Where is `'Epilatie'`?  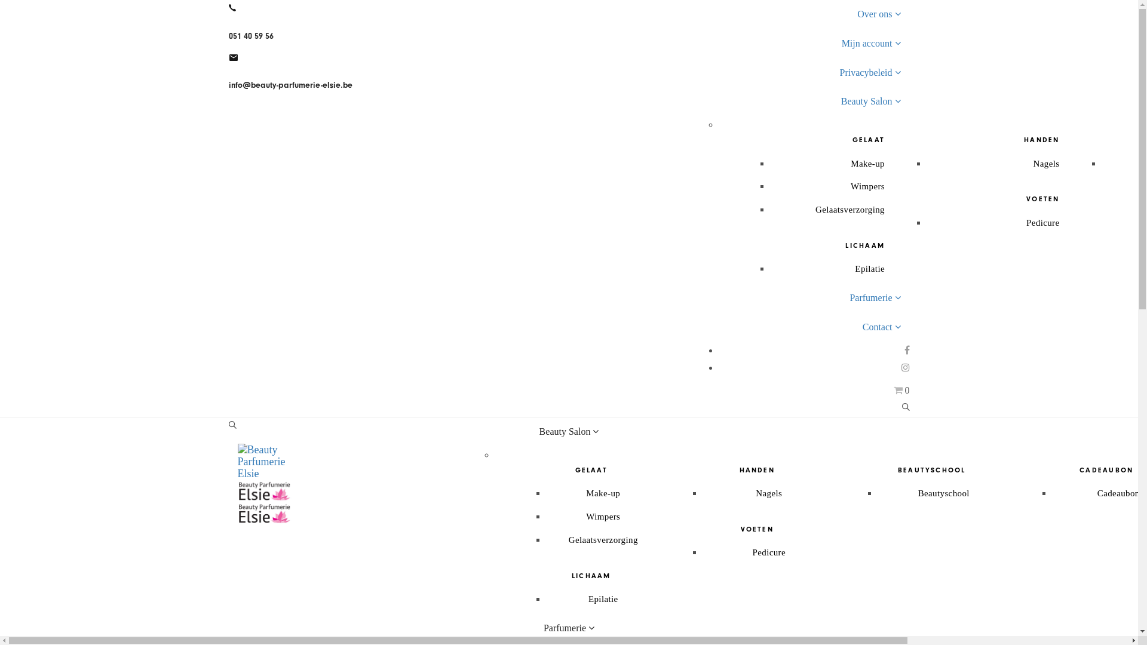
'Epilatie' is located at coordinates (603, 598).